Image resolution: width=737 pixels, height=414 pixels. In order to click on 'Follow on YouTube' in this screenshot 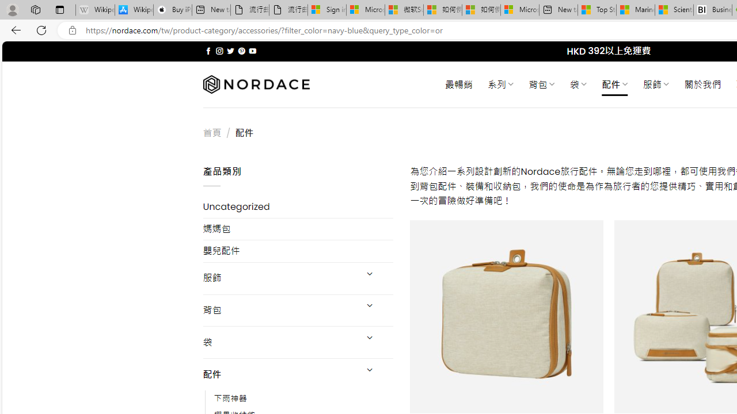, I will do `click(252, 51)`.